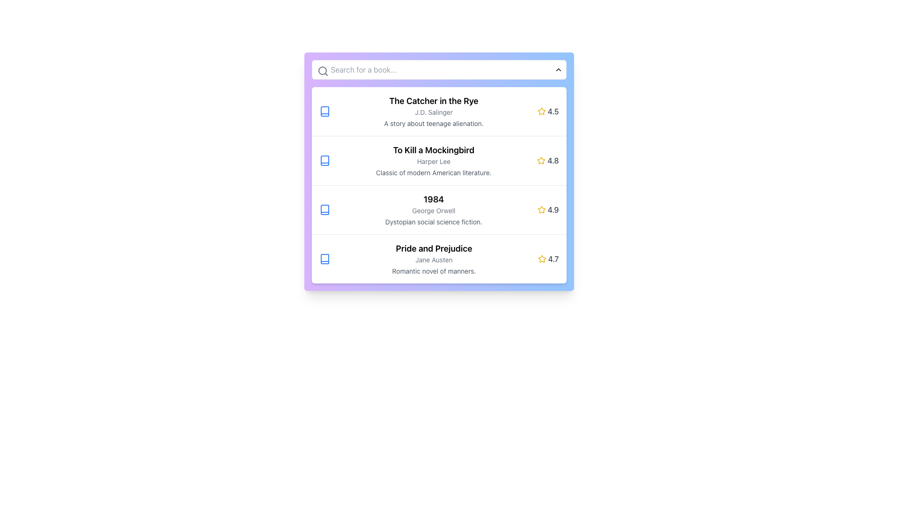 The image size is (899, 506). Describe the element at coordinates (433, 123) in the screenshot. I see `the plain text description of the book, which is the third line of text in the first entry of the book list` at that location.